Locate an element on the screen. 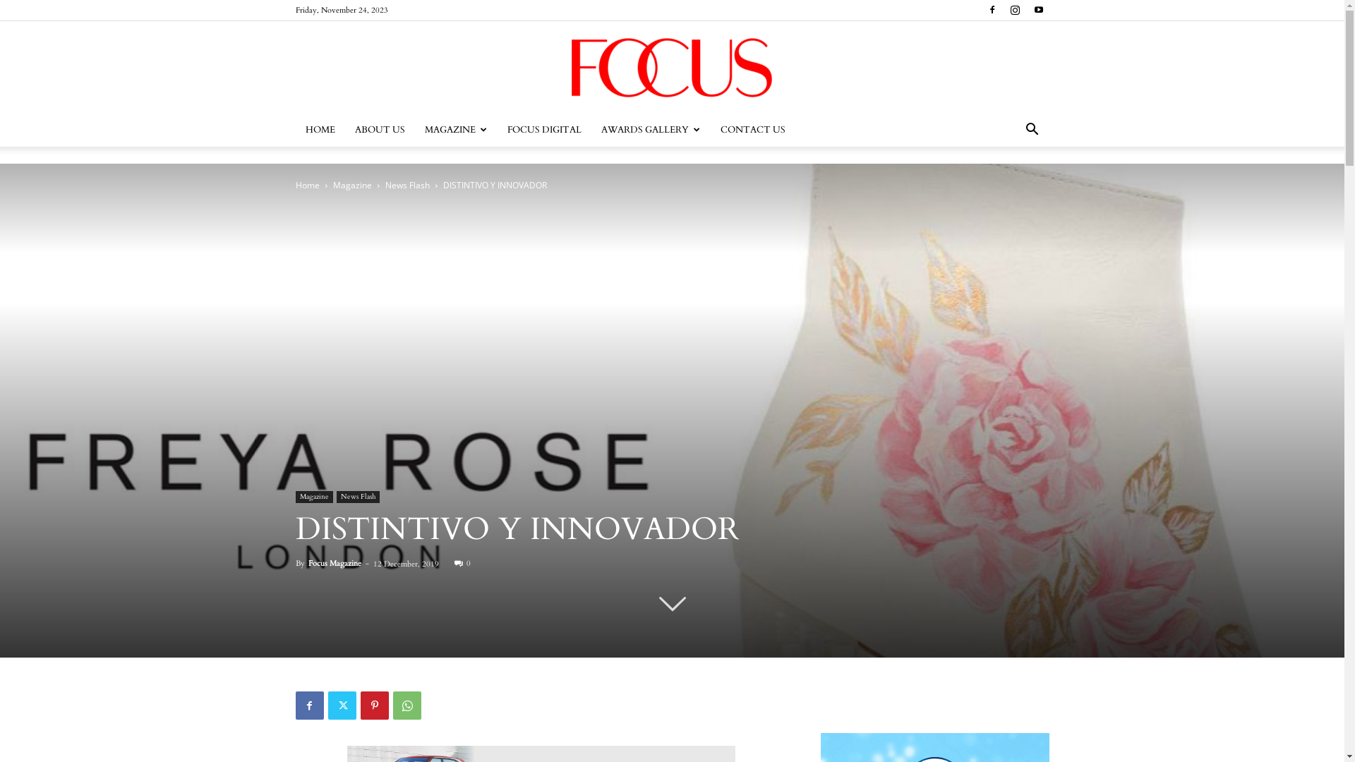  'News Flash' is located at coordinates (406, 184).